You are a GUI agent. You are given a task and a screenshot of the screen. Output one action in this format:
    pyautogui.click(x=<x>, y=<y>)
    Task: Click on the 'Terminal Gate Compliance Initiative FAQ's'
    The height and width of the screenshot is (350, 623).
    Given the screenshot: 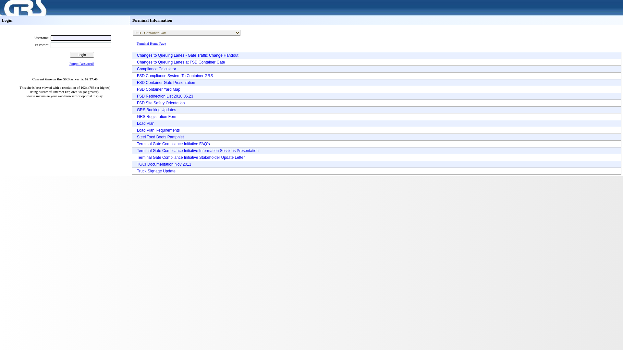 What is the action you would take?
    pyautogui.click(x=171, y=143)
    